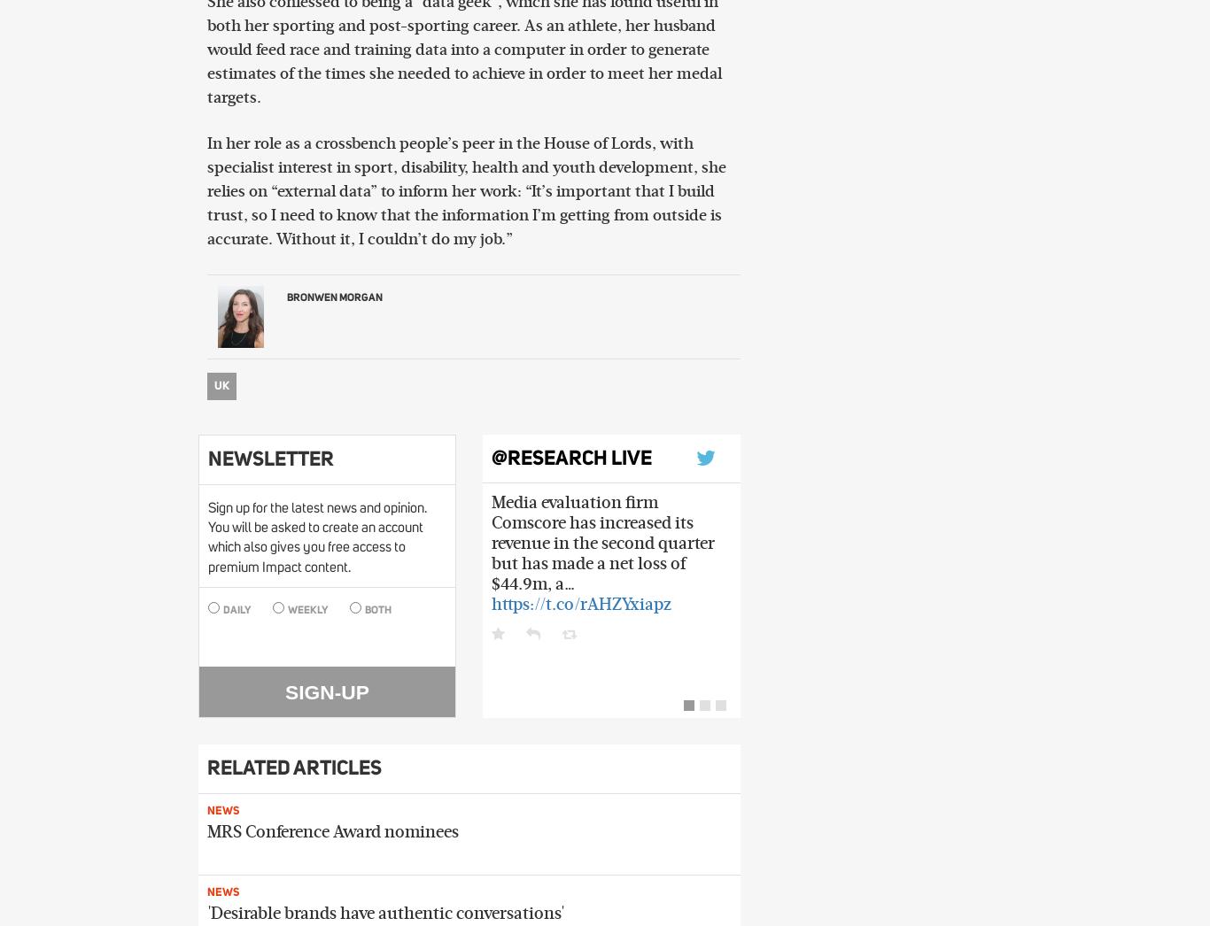 This screenshot has height=926, width=1210. Describe the element at coordinates (287, 296) in the screenshot. I see `'Bronwen Morgan'` at that location.